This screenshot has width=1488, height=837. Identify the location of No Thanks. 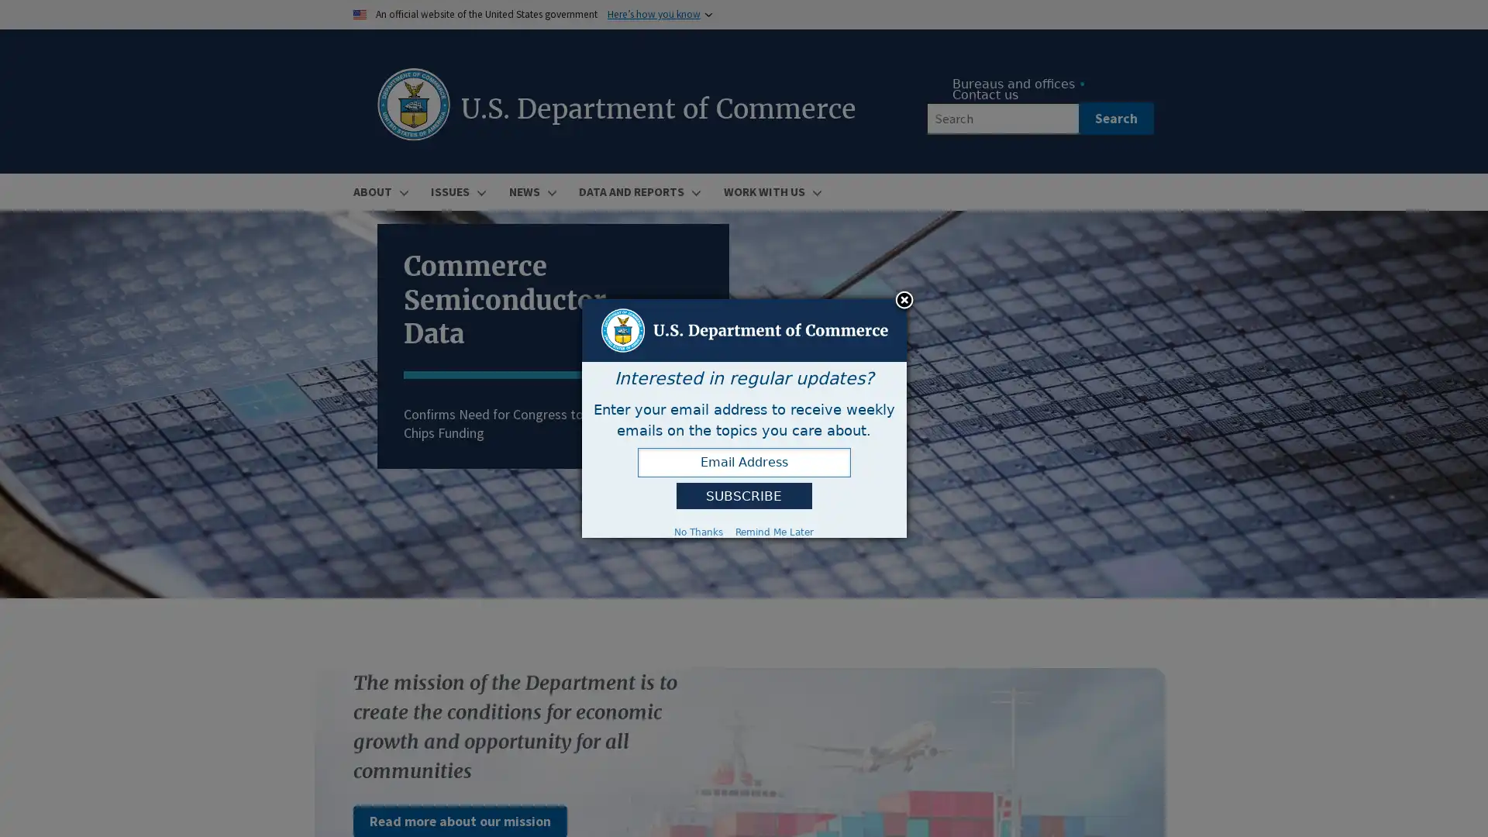
(697, 531).